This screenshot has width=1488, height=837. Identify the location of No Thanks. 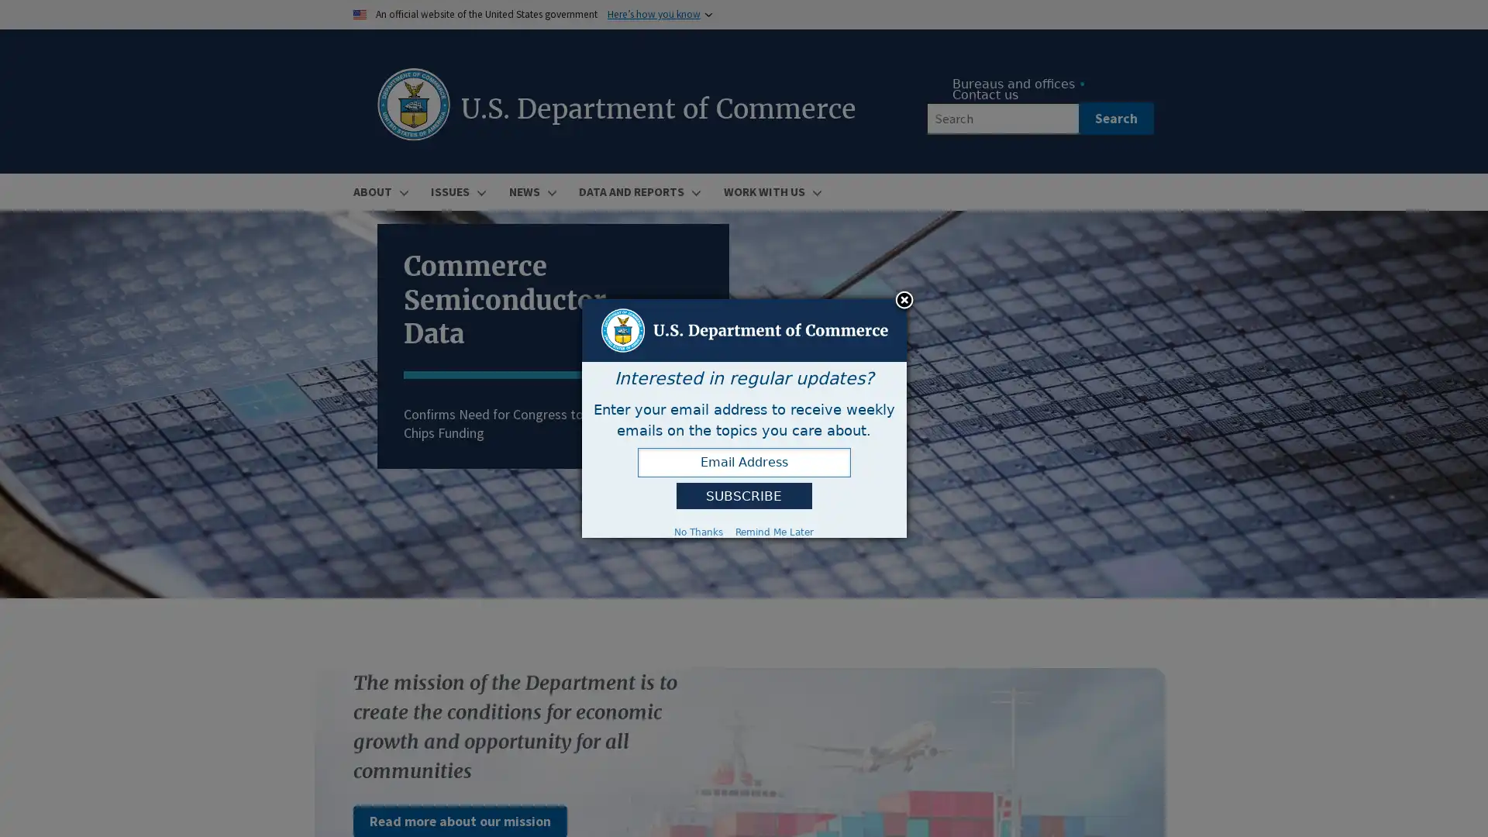
(697, 531).